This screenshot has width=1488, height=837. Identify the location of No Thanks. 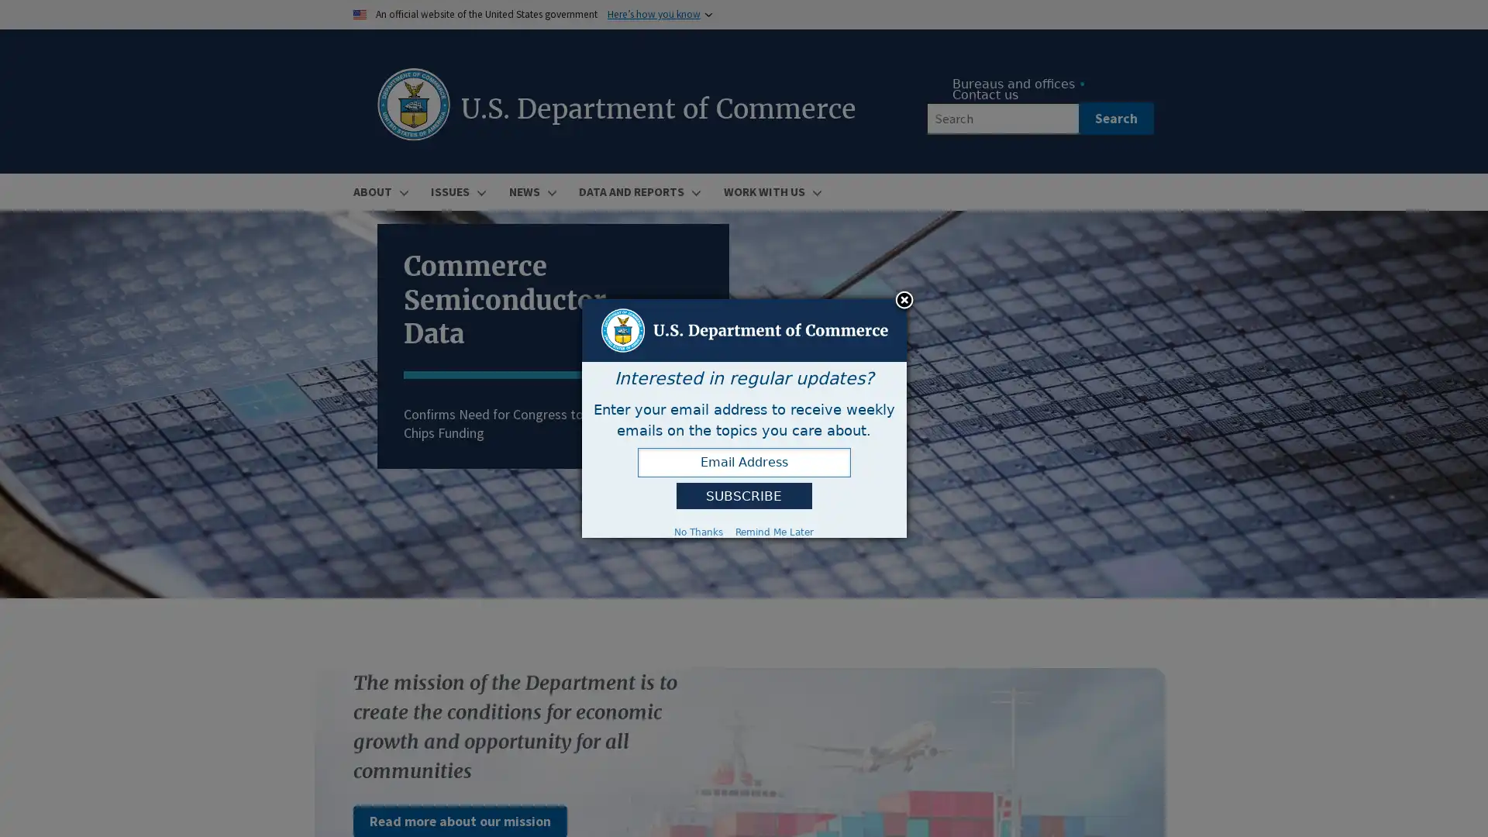
(697, 531).